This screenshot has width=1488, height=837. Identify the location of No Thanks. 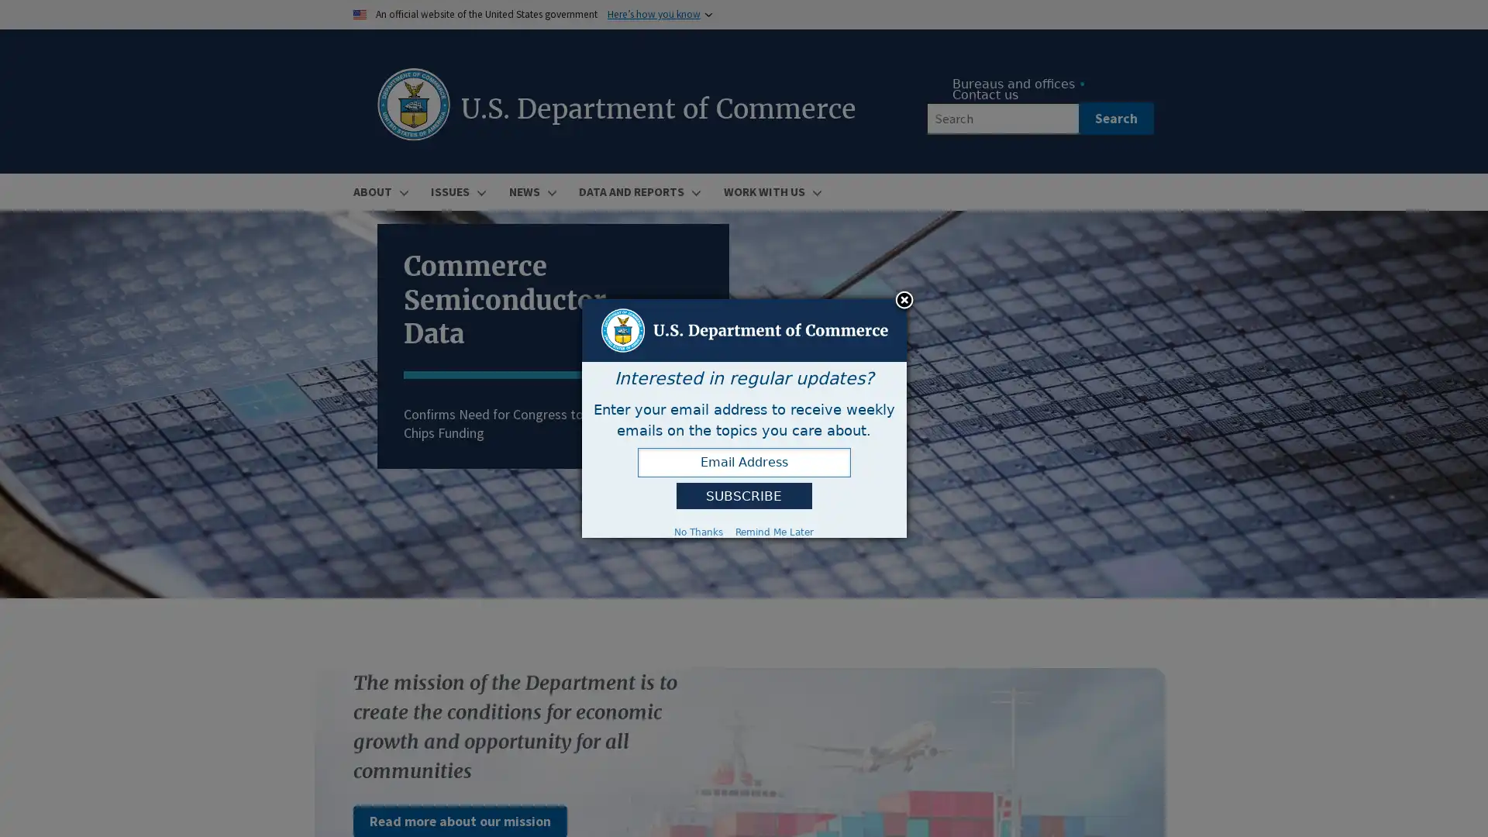
(697, 531).